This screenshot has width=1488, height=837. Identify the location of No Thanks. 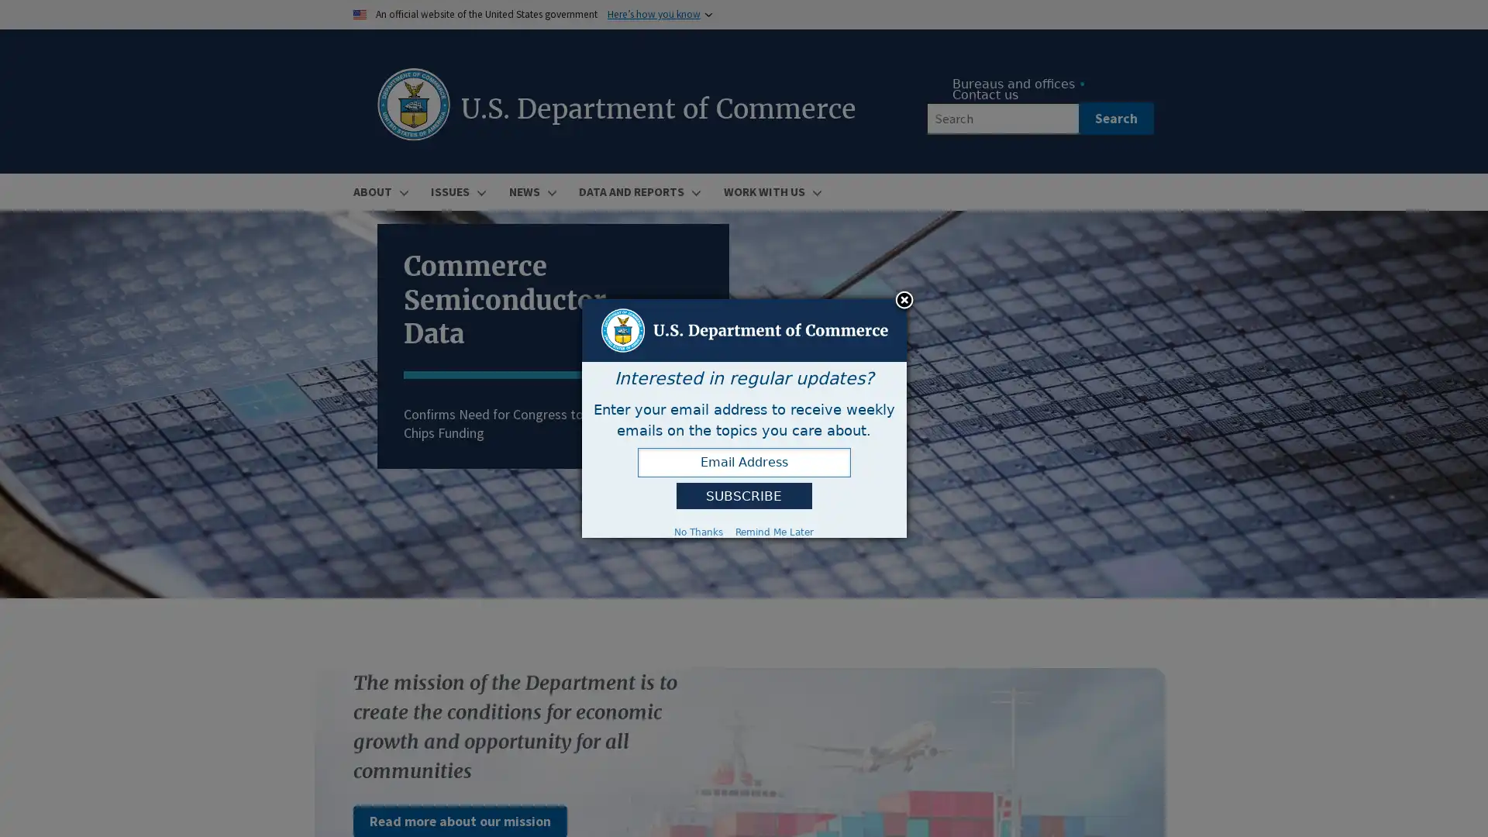
(697, 531).